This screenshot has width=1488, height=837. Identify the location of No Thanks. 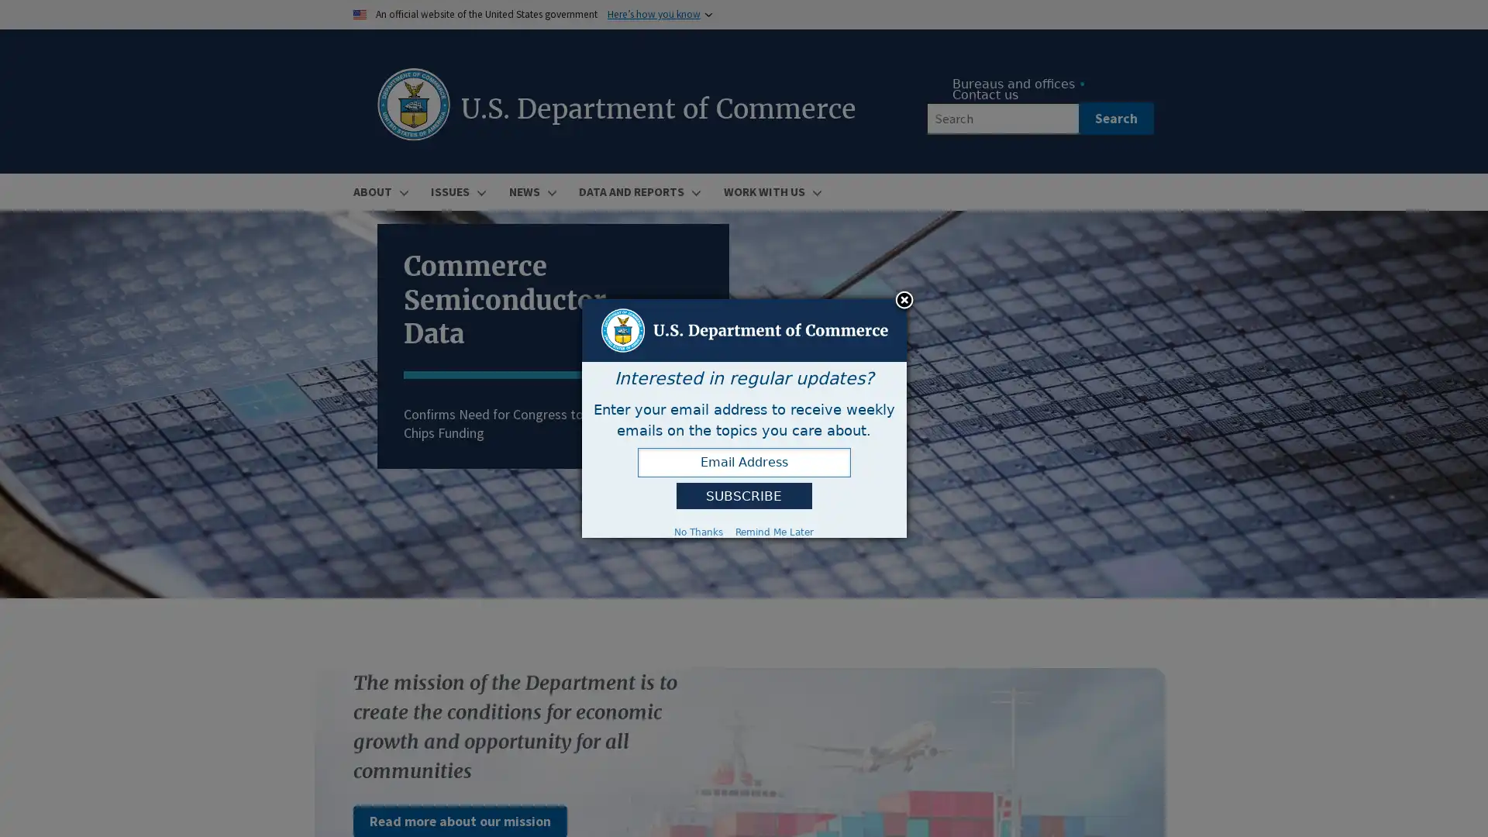
(697, 531).